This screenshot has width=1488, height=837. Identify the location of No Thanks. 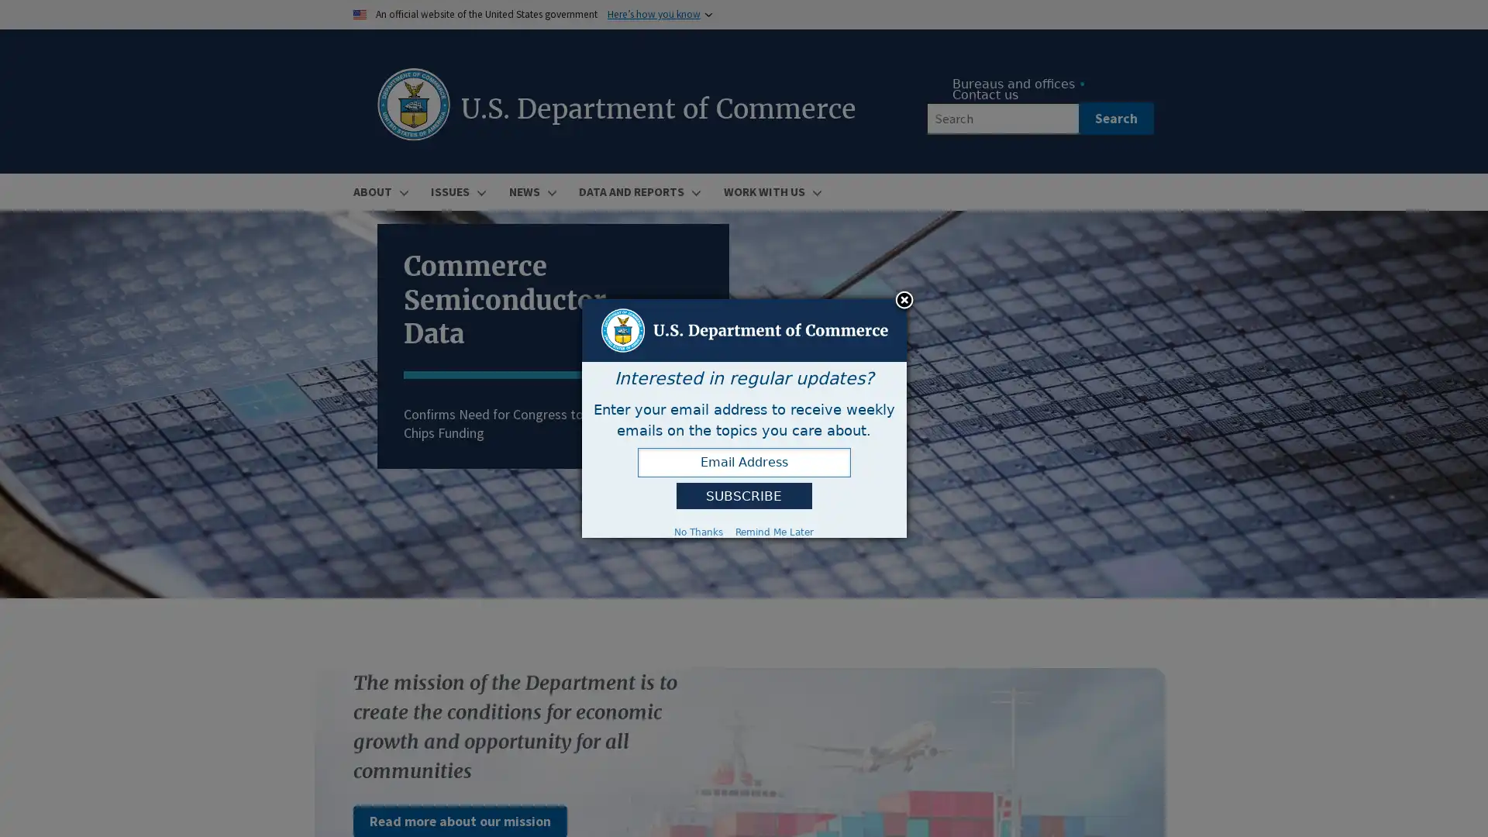
(697, 531).